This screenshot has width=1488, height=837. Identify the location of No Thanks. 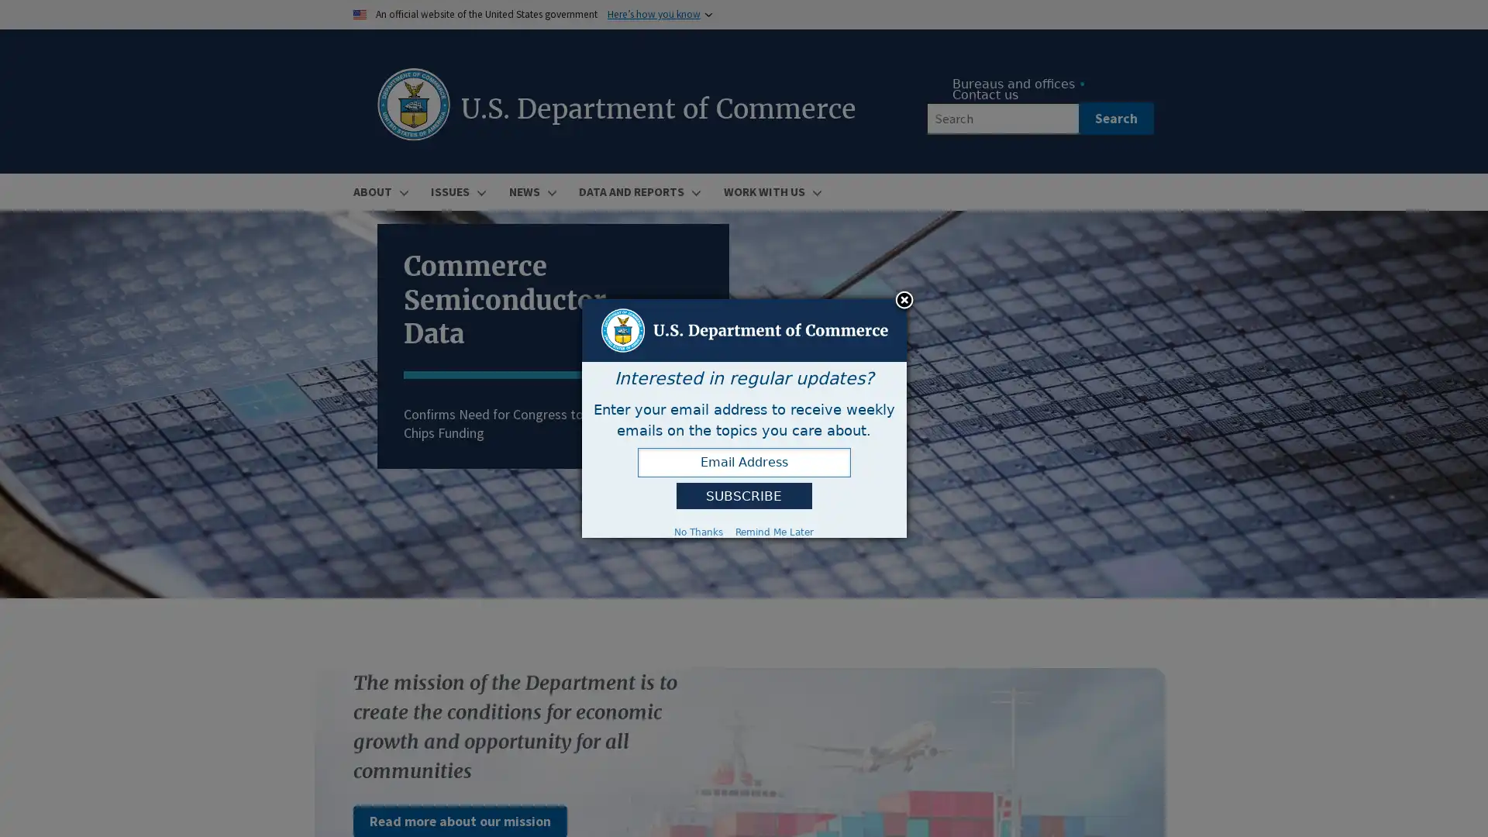
(697, 531).